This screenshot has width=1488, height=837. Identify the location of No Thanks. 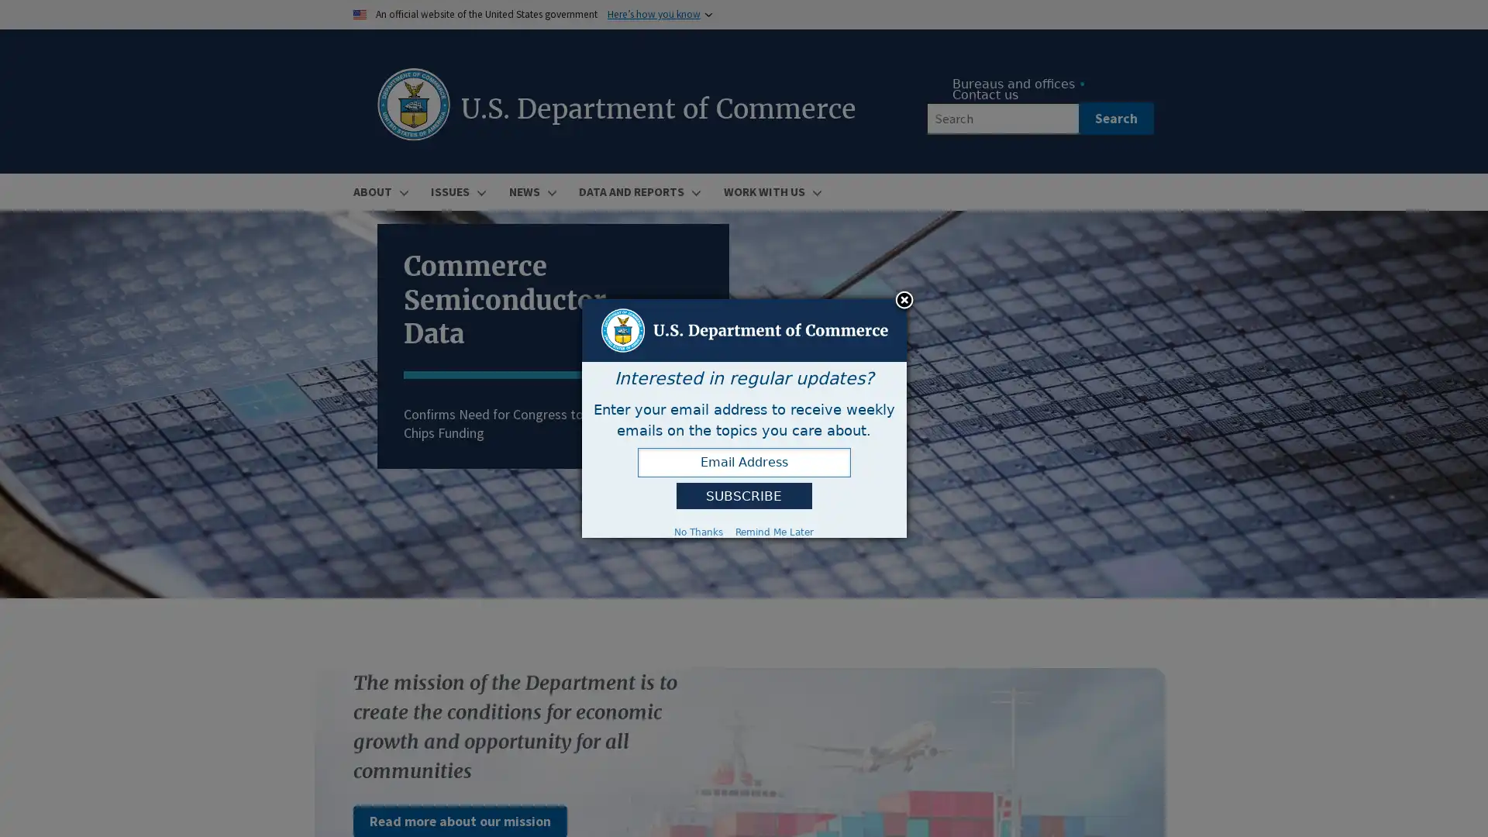
(697, 531).